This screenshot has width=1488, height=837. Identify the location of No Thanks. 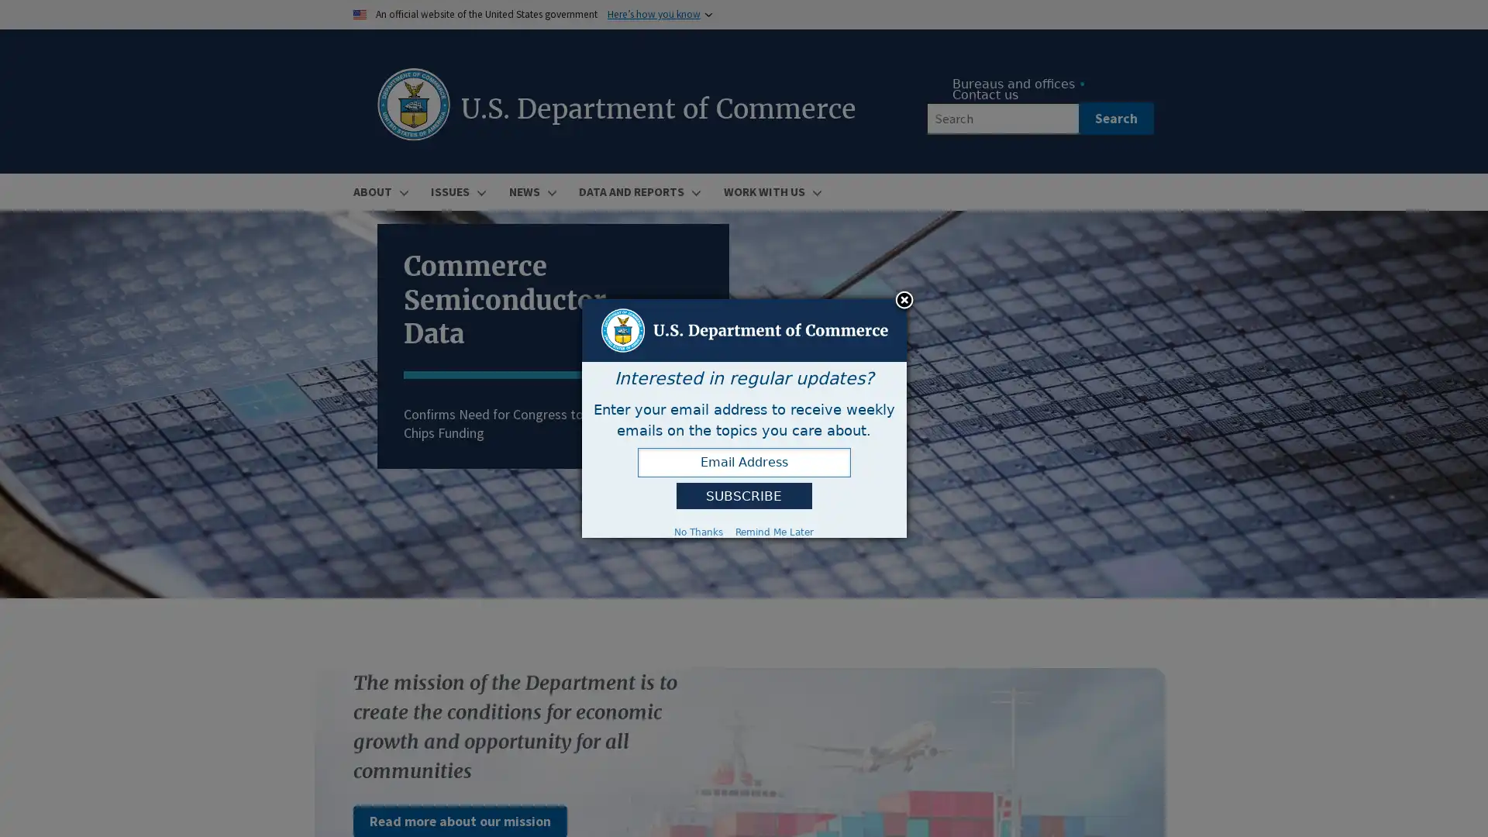
(697, 531).